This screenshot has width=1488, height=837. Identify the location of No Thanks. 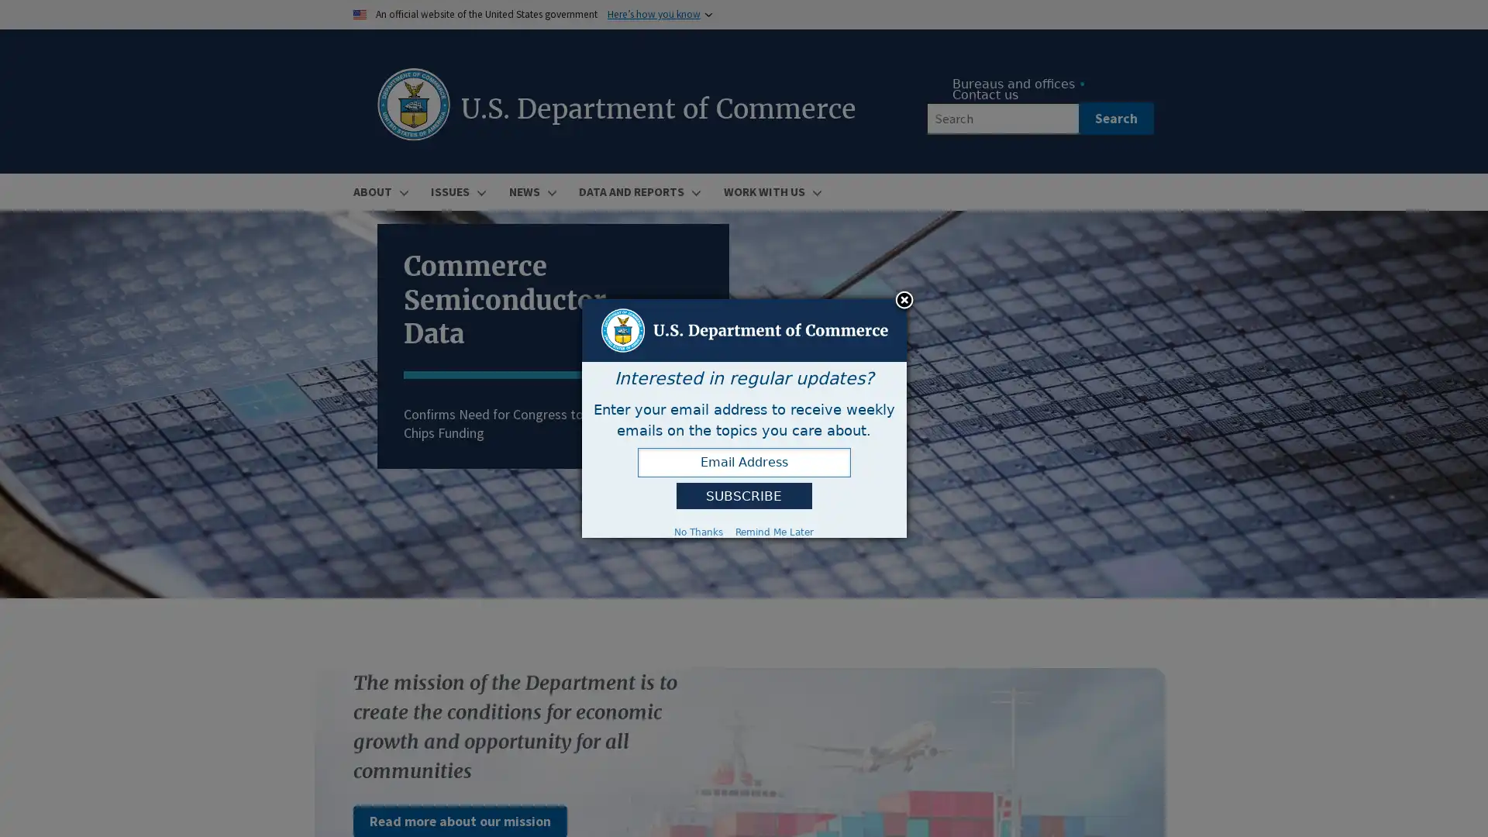
(697, 531).